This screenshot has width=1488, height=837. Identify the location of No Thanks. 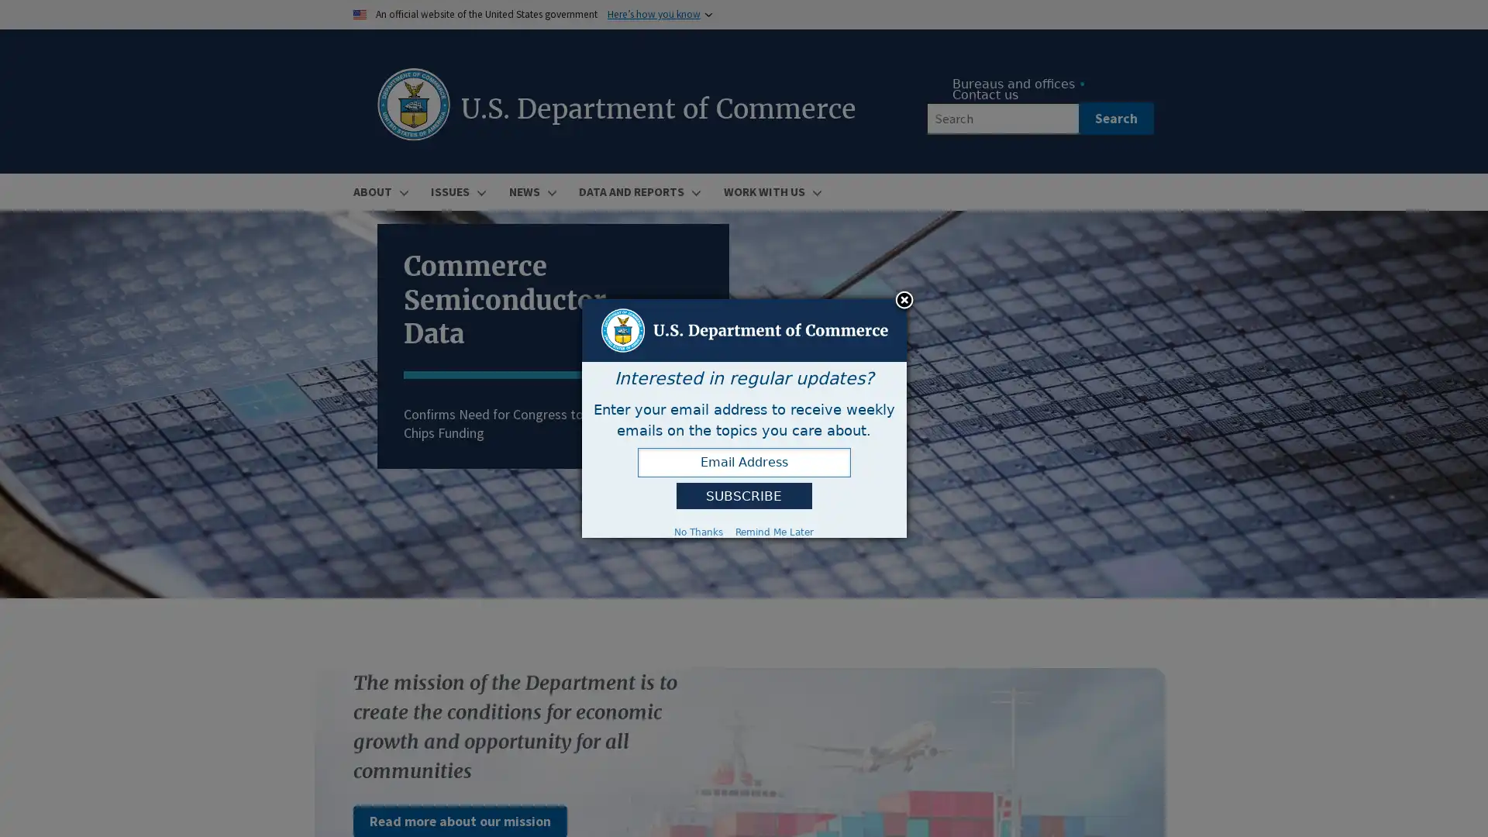
(697, 531).